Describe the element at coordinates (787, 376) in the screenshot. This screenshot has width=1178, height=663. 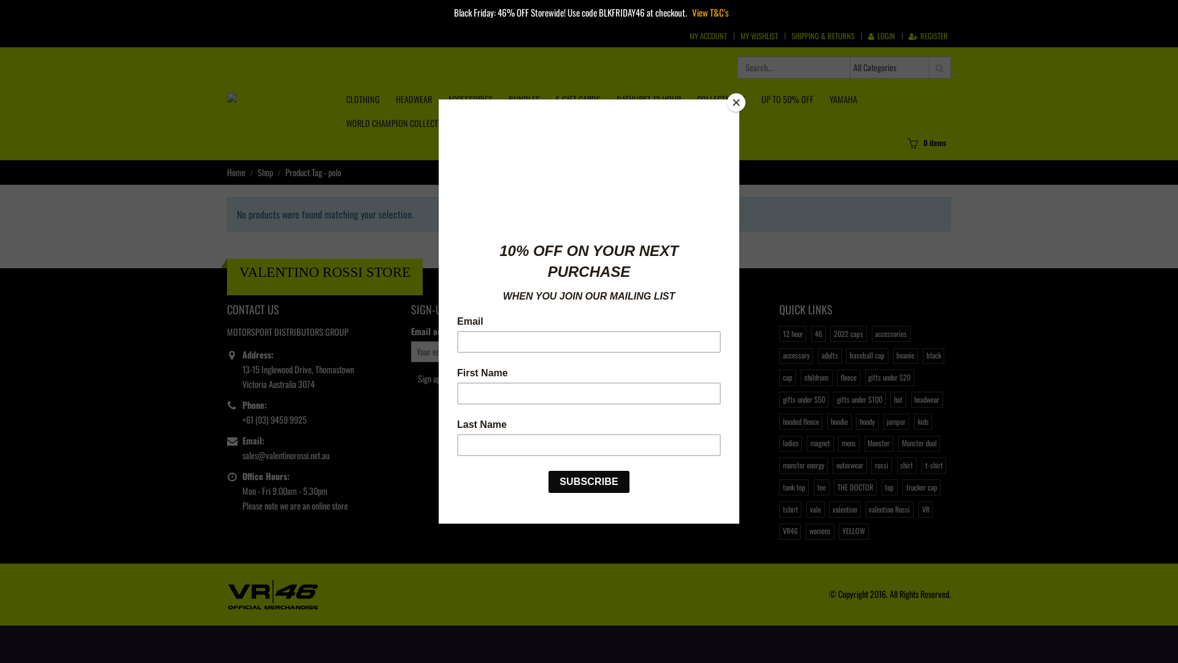
I see `'cap'` at that location.